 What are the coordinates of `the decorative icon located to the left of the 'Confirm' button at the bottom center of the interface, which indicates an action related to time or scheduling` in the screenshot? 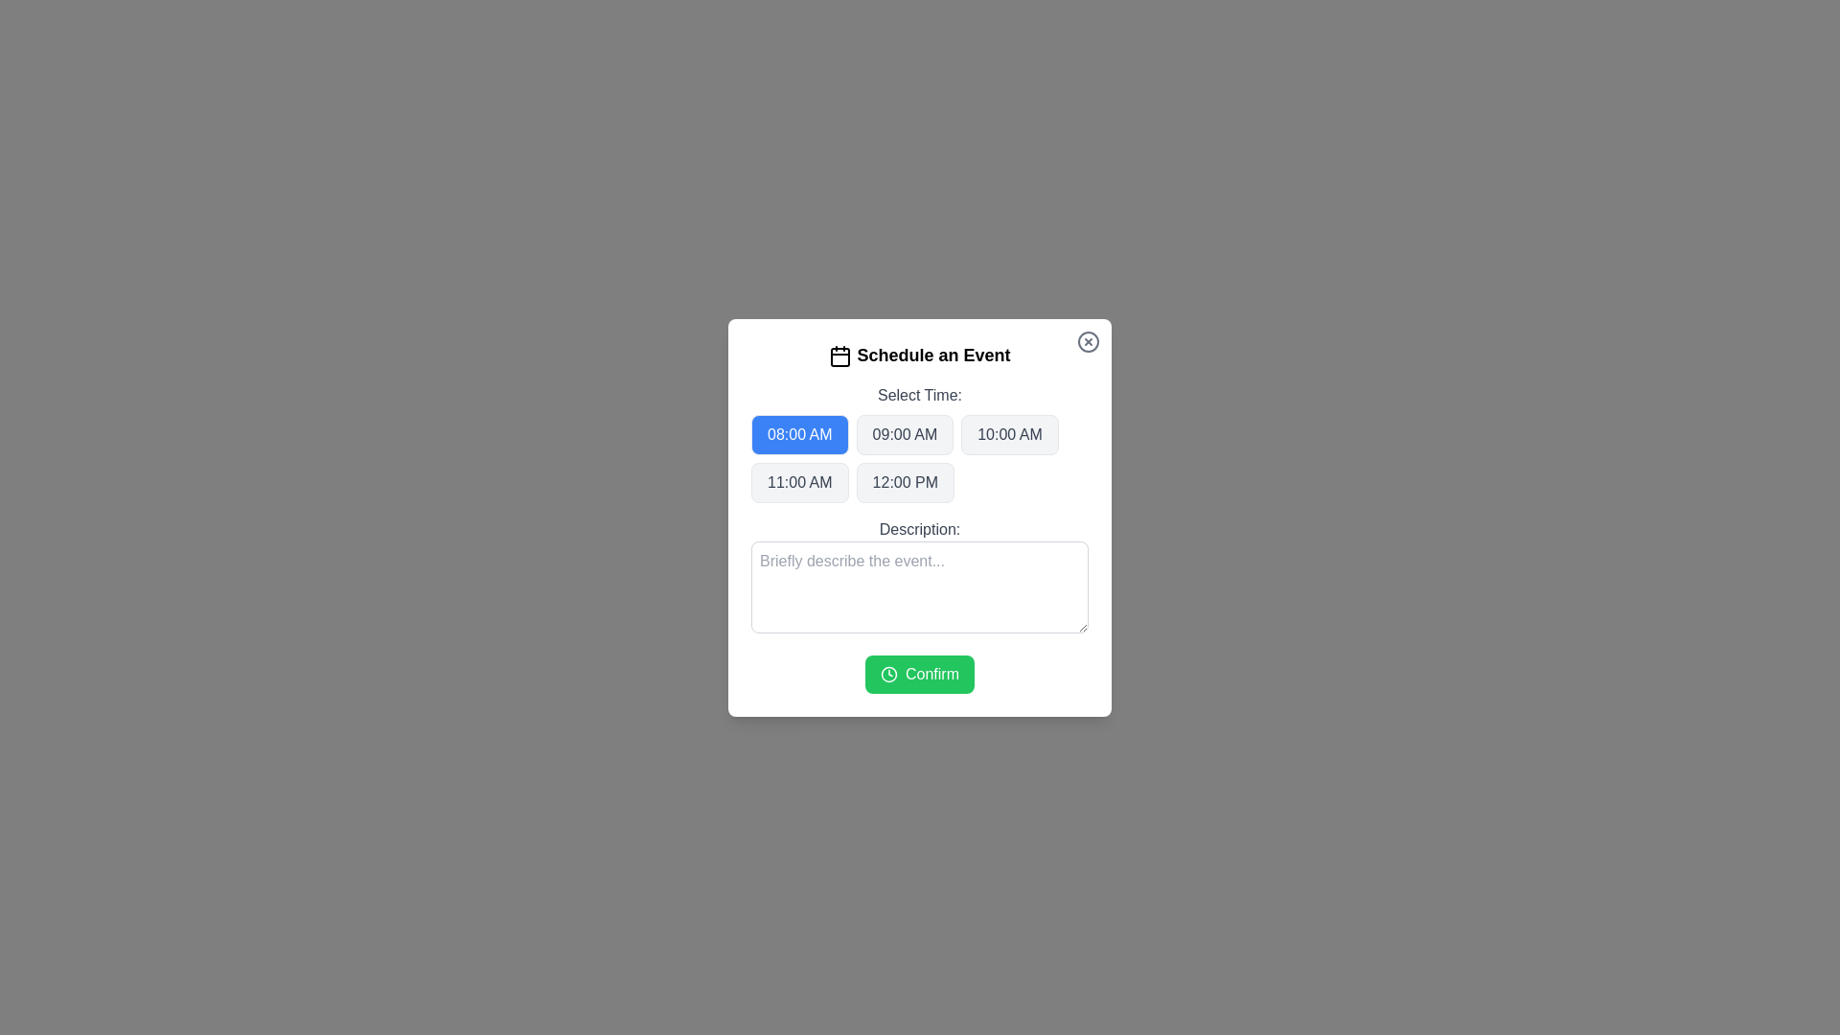 It's located at (887, 673).